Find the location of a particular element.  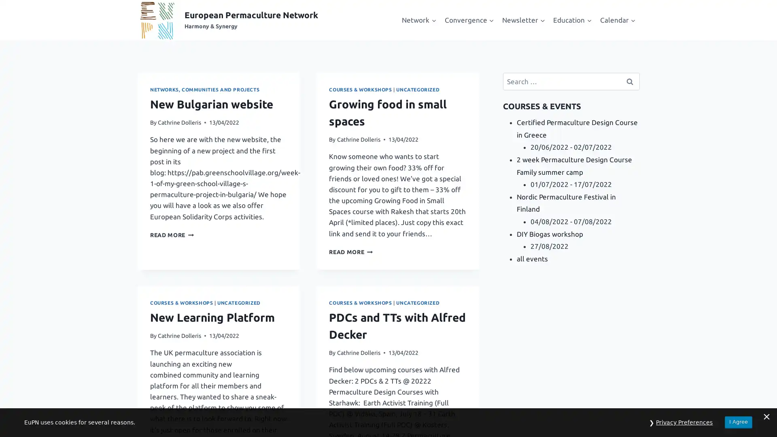

Expand child menu is located at coordinates (419, 19).